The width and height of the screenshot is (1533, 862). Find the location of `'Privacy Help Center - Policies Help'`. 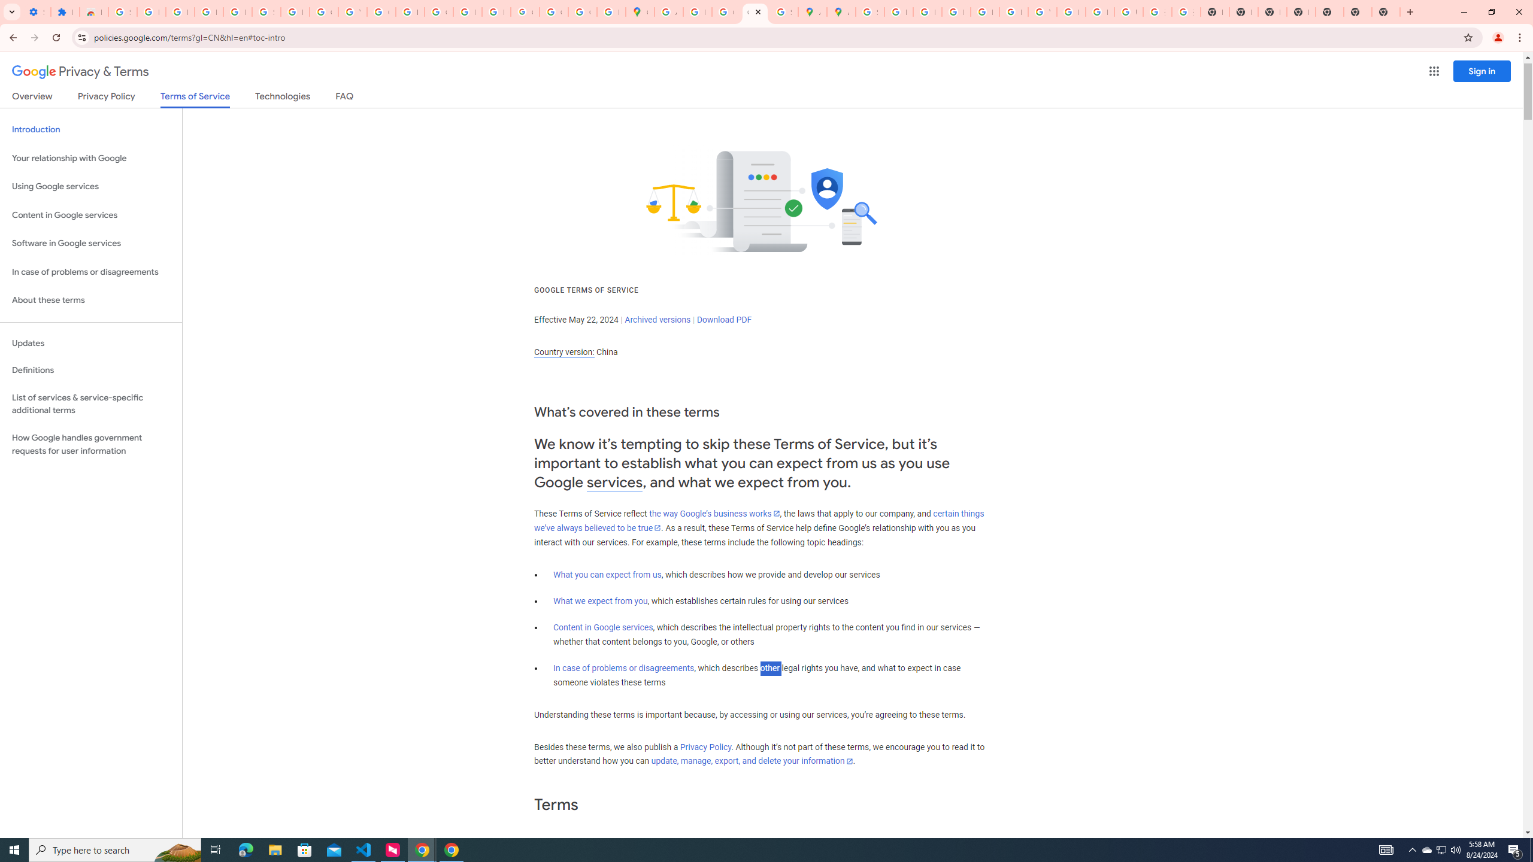

'Privacy Help Center - Policies Help' is located at coordinates (956, 11).